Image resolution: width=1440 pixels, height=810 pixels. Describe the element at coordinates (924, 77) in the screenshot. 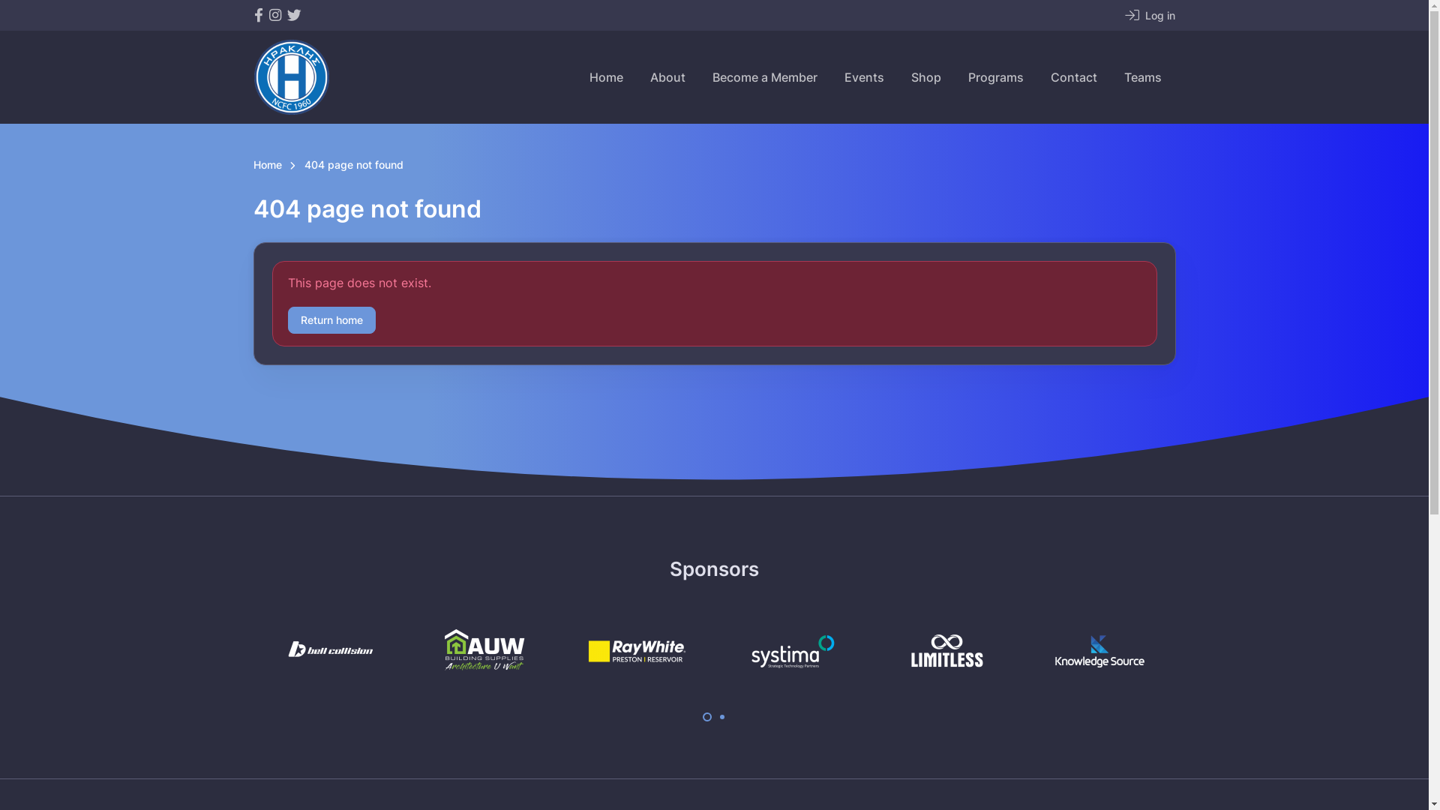

I see `'Shop'` at that location.